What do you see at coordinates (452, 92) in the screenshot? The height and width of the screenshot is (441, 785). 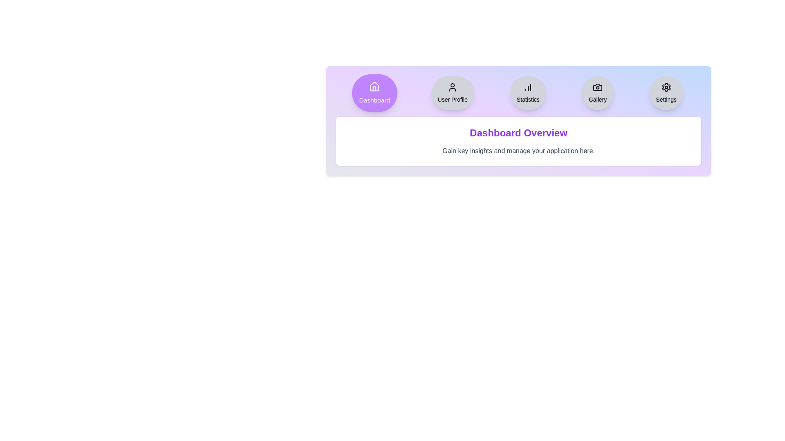 I see `the second circular button in the horizontal navigation bar` at bounding box center [452, 92].